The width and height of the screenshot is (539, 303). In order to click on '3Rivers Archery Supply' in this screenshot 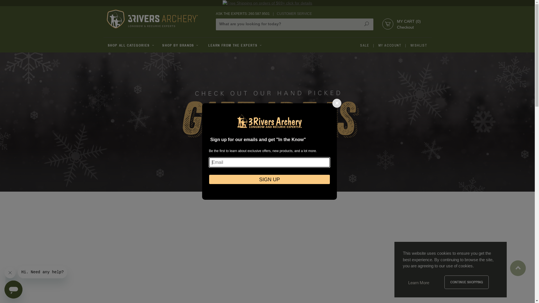, I will do `click(152, 19)`.